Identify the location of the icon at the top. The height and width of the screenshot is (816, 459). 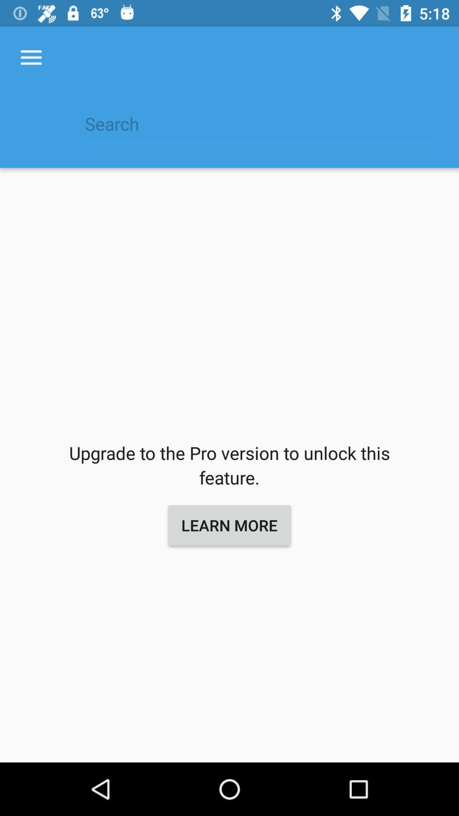
(260, 128).